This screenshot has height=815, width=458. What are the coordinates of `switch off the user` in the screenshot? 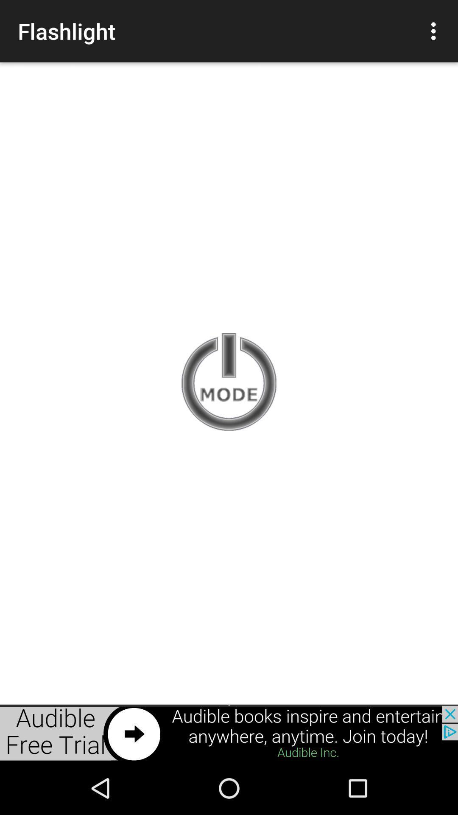 It's located at (229, 382).